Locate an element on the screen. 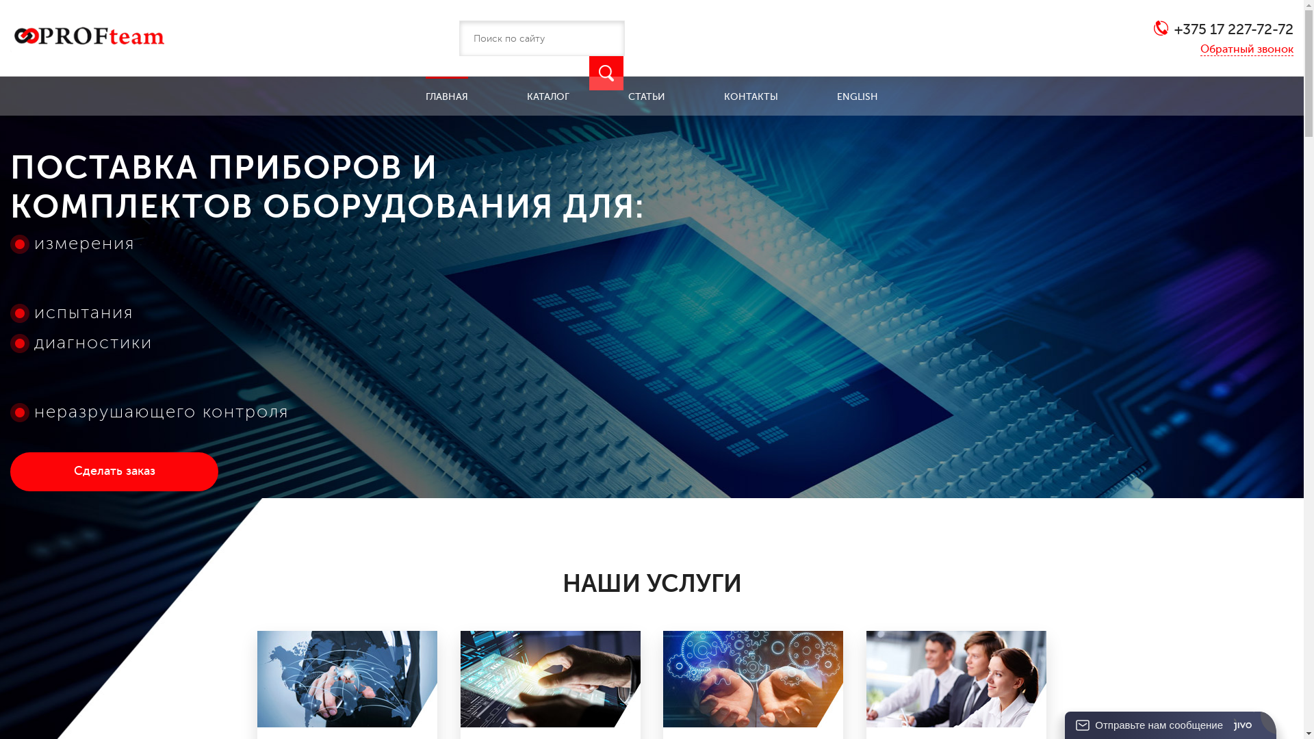 The image size is (1314, 739). 'ENGLISH' is located at coordinates (856, 92).